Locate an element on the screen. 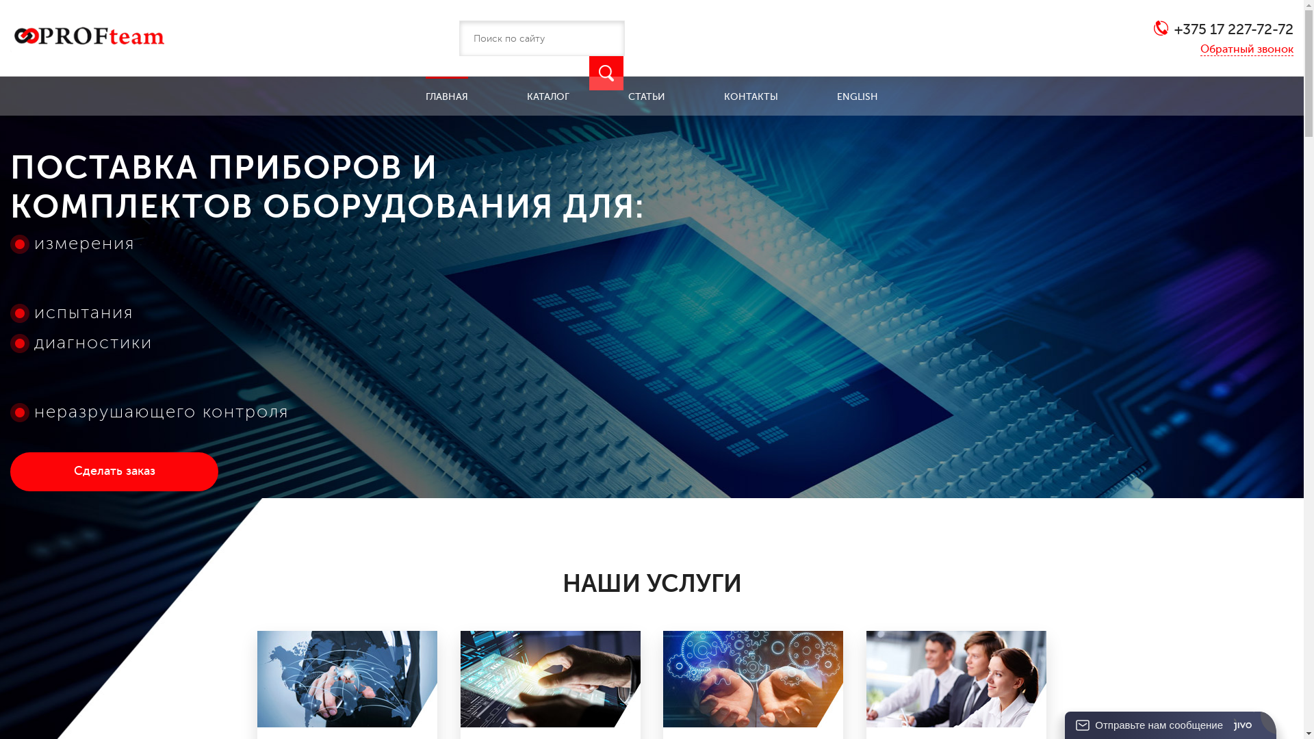 The image size is (1314, 739). 'ENGLISH' is located at coordinates (856, 92).